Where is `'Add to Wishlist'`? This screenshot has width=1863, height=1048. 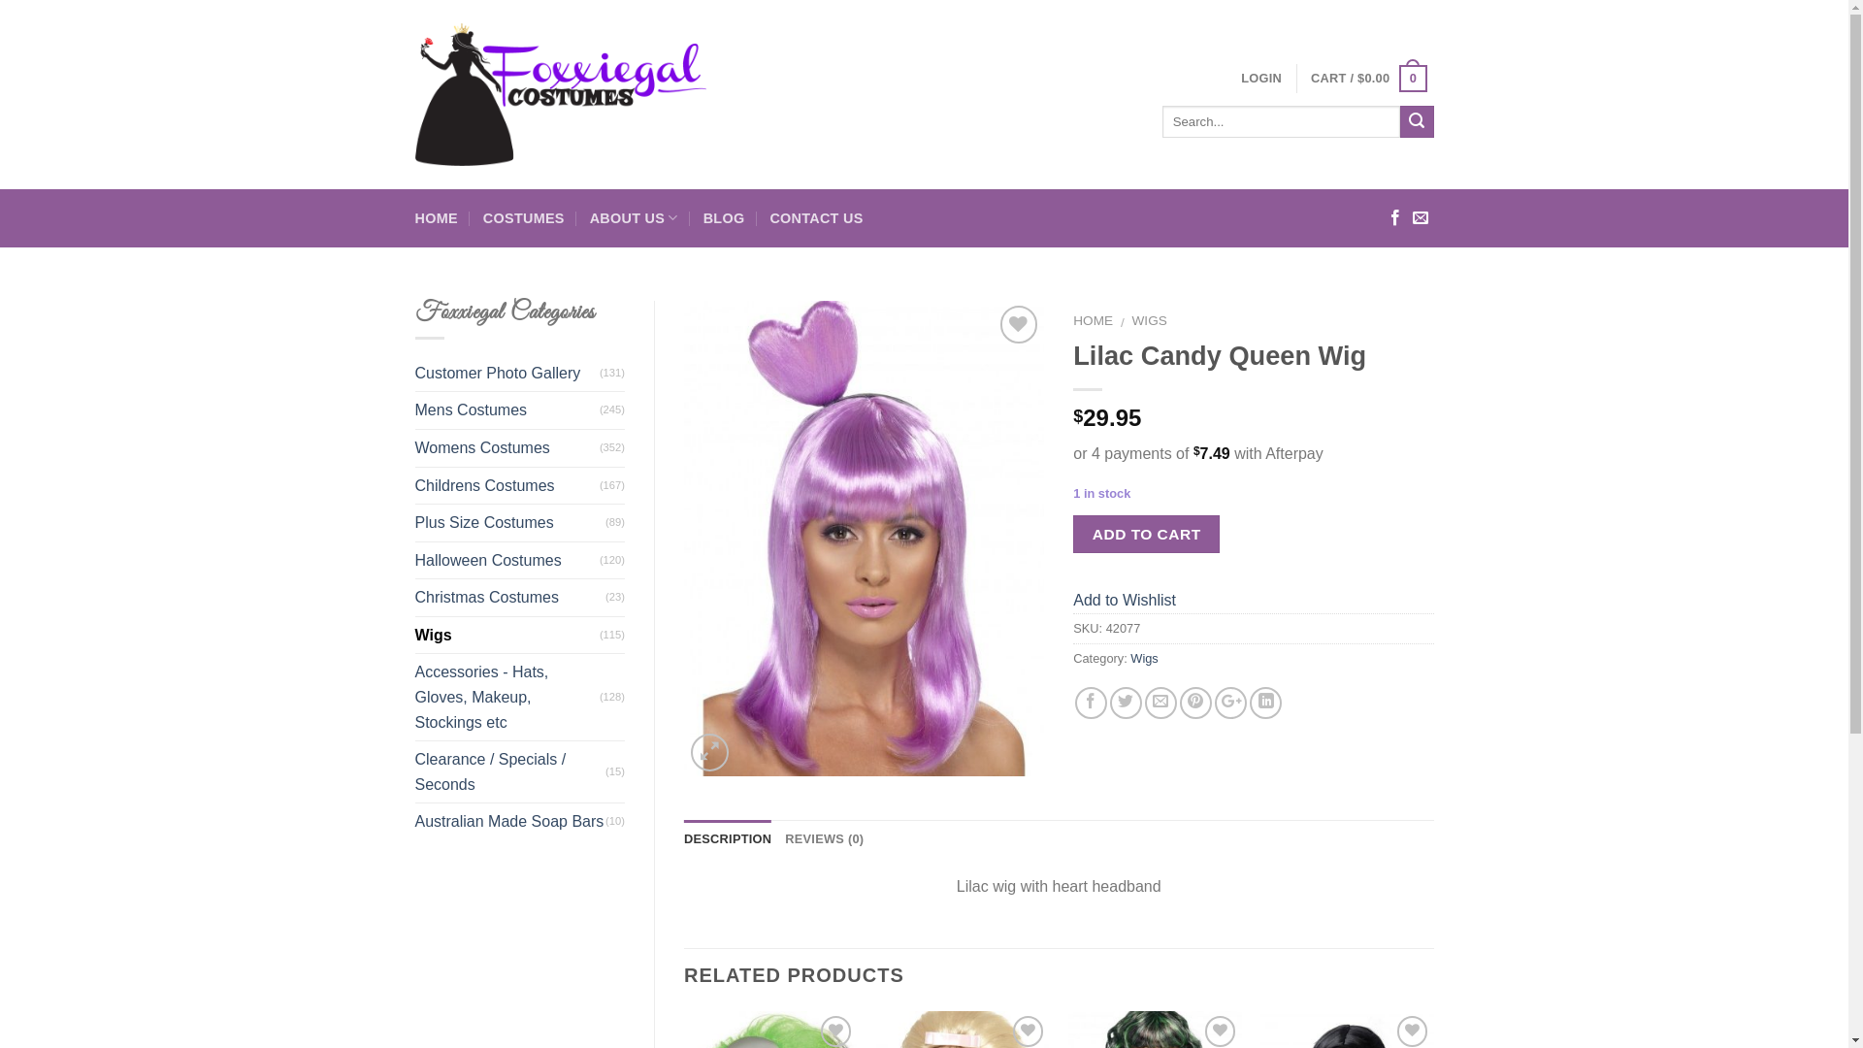
'Add to Wishlist' is located at coordinates (1124, 599).